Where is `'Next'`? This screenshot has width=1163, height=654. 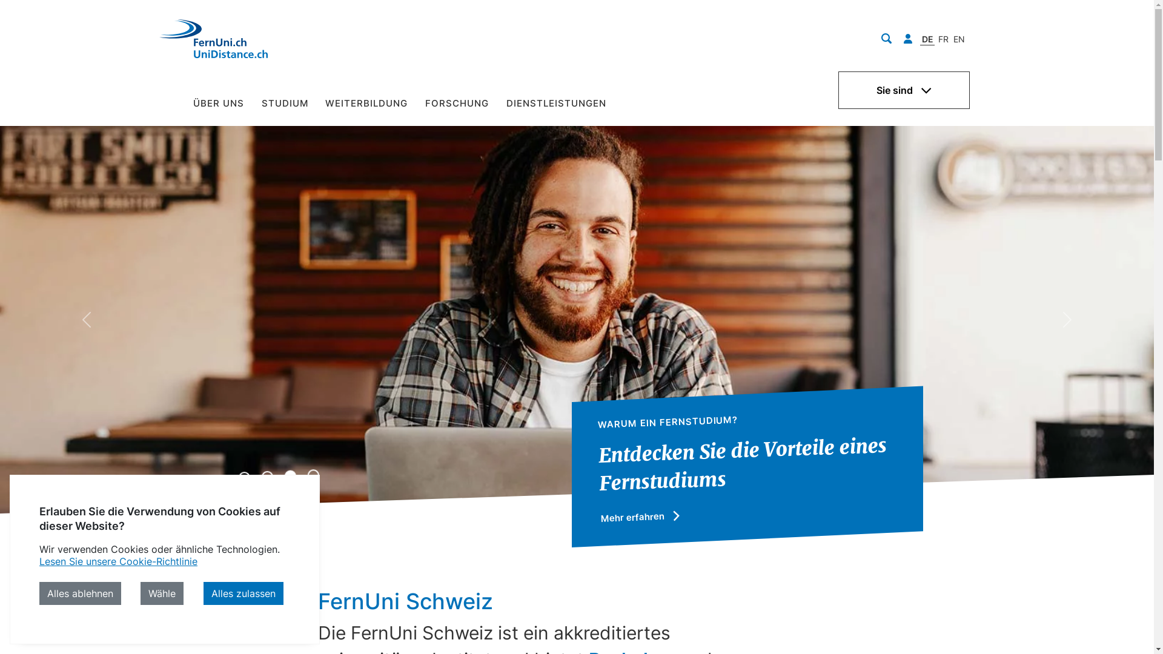 'Next' is located at coordinates (1067, 319).